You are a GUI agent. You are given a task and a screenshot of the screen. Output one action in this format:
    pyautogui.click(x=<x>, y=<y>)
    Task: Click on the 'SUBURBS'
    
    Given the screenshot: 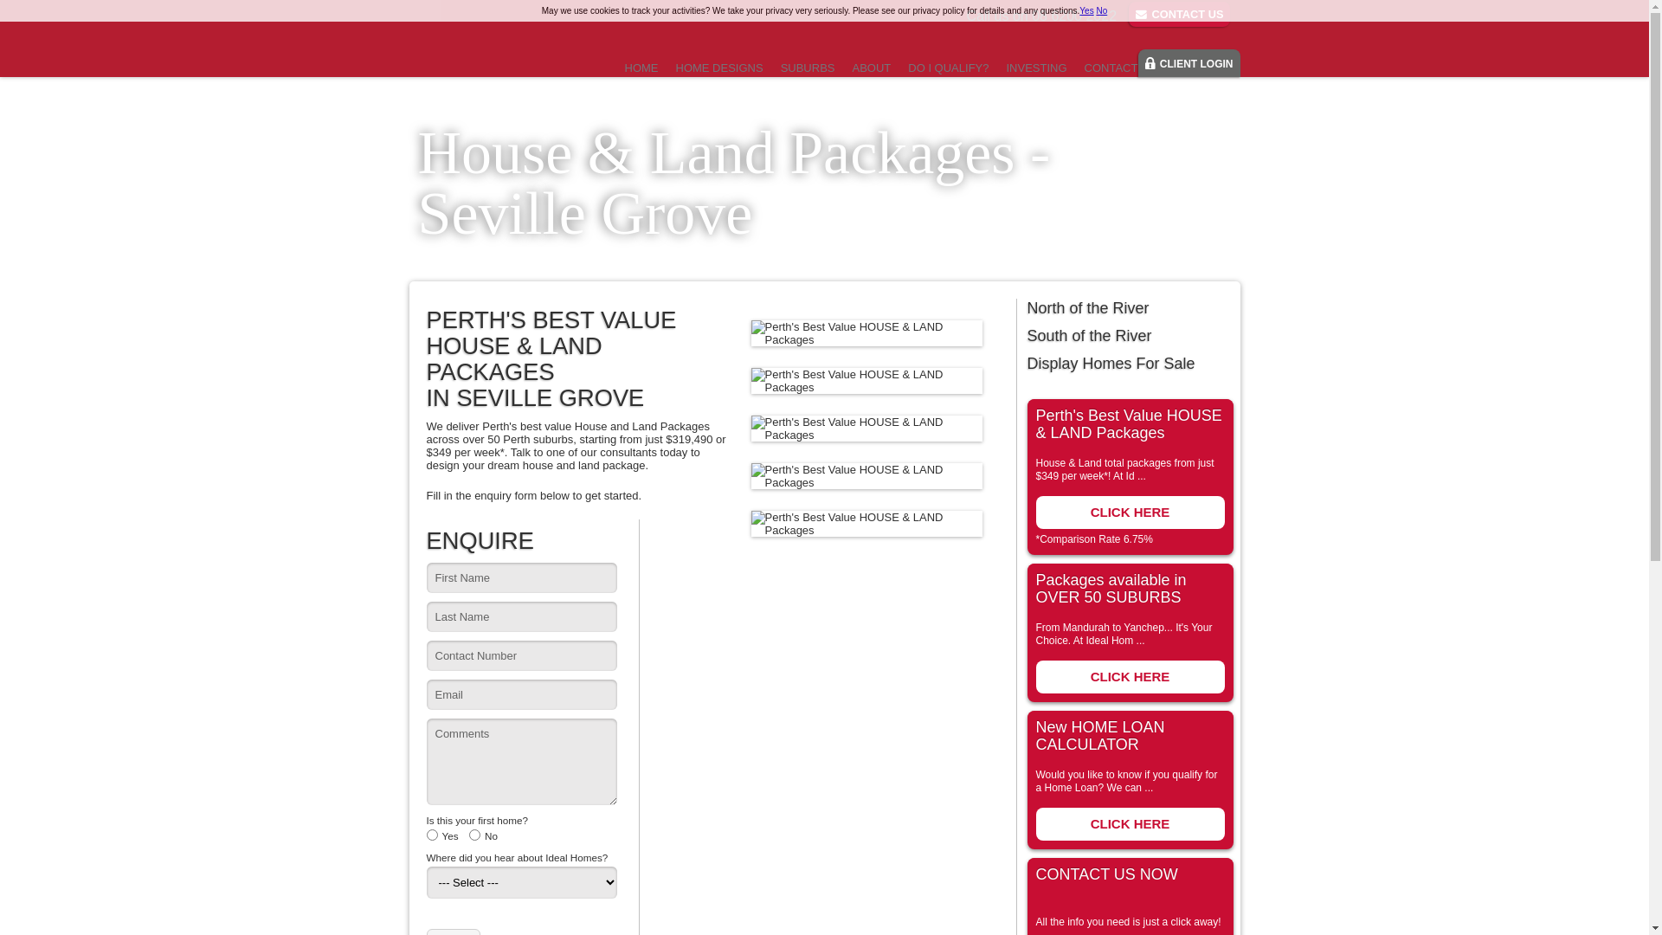 What is the action you would take?
    pyautogui.click(x=807, y=67)
    